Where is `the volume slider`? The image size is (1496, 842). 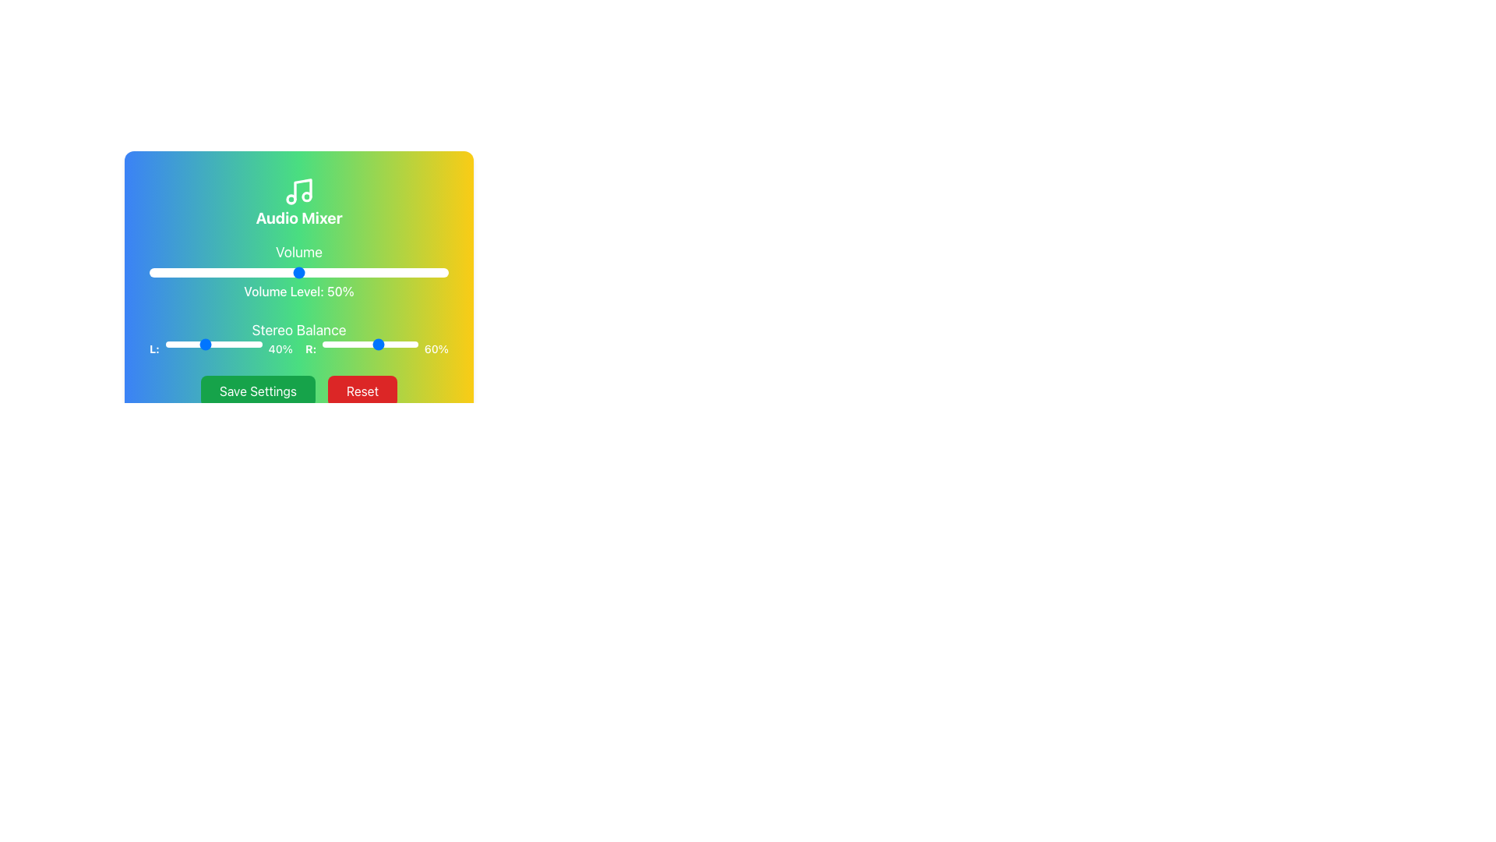
the volume slider is located at coordinates (187, 272).